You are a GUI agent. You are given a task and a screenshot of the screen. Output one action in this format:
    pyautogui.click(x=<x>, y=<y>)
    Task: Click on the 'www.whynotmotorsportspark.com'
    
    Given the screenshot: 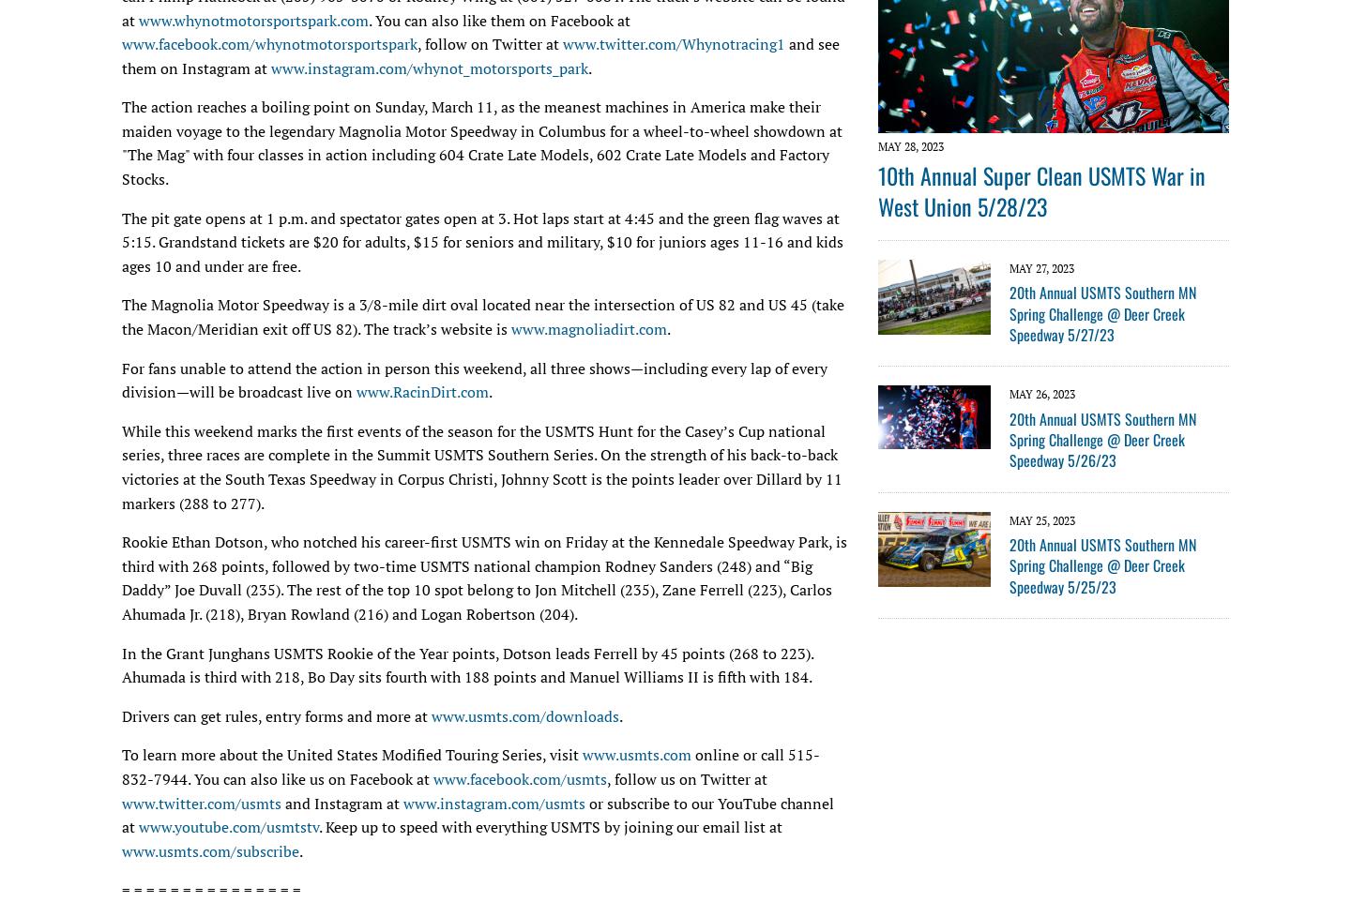 What is the action you would take?
    pyautogui.click(x=252, y=20)
    